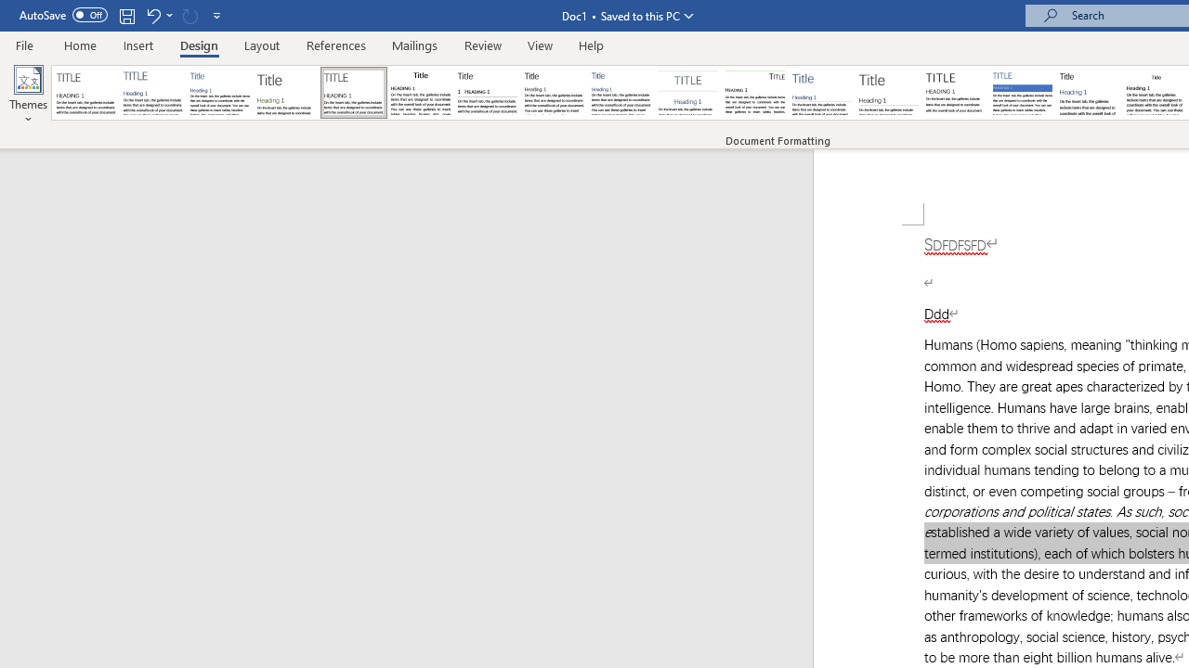  Describe the element at coordinates (1090, 93) in the screenshot. I see `'Word'` at that location.